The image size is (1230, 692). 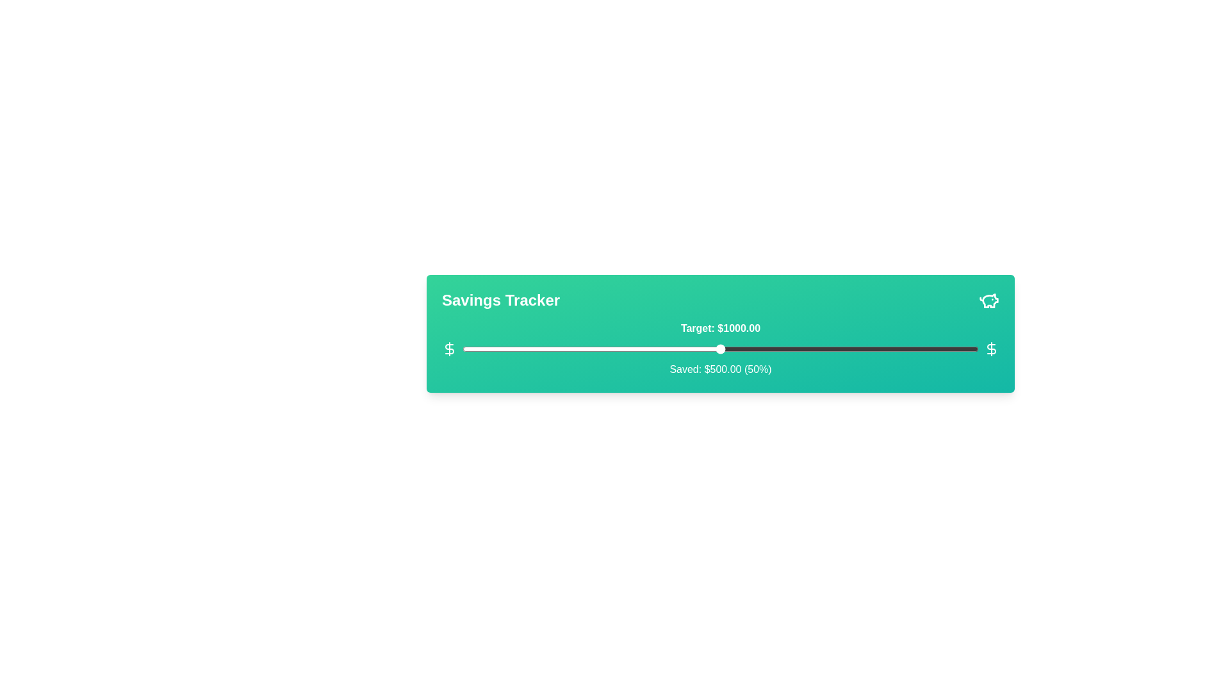 What do you see at coordinates (991, 349) in the screenshot?
I see `the financial icon located in the bottom-right corner of the green interface panel, which serves as a visual indicator for monetary transactions` at bounding box center [991, 349].